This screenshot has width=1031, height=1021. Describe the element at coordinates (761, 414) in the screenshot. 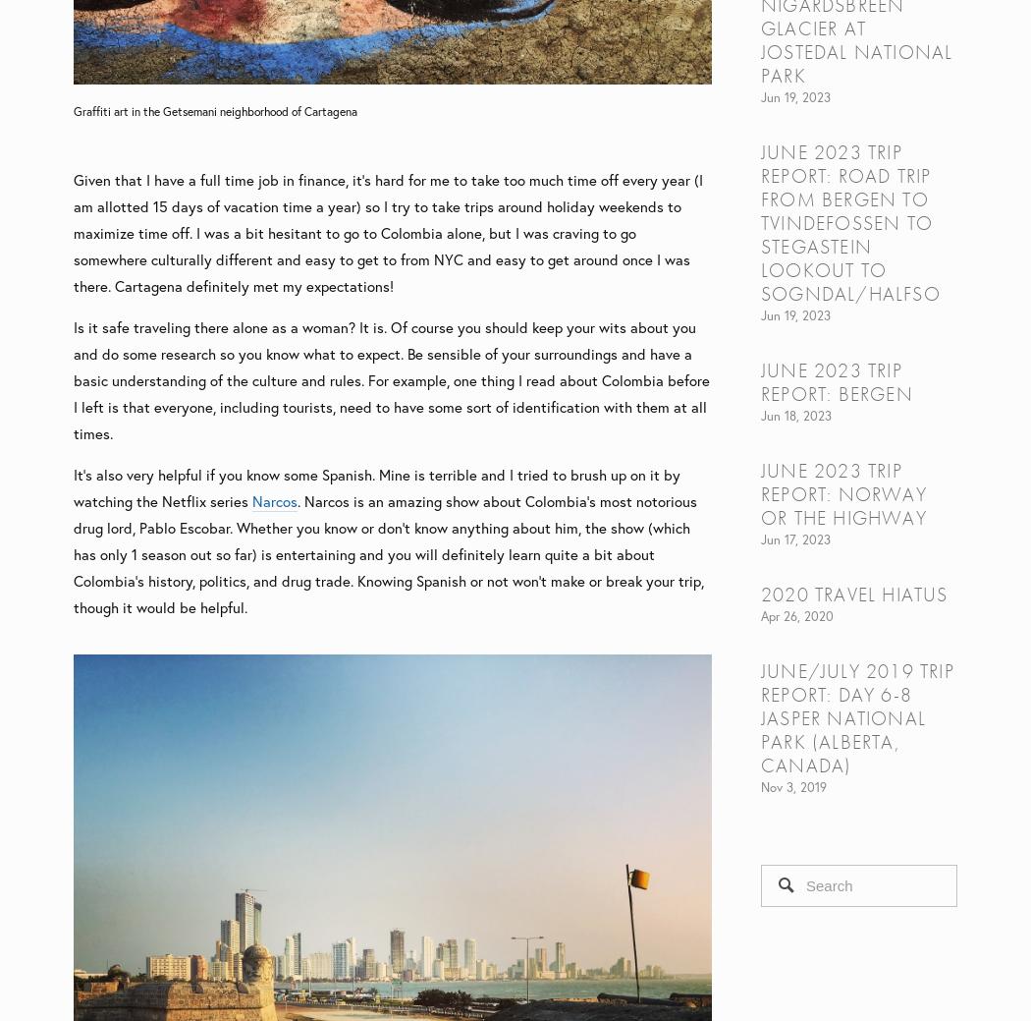

I see `'Jun 18, 2023'` at that location.